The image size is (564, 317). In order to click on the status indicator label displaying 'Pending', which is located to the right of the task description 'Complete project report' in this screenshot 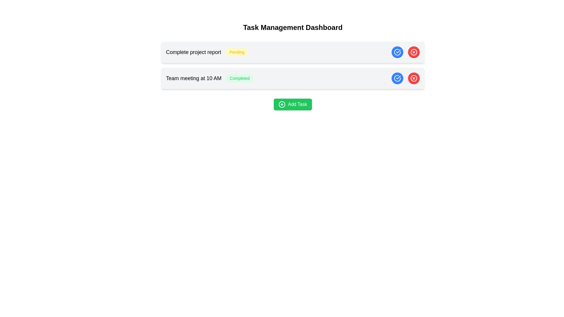, I will do `click(237, 52)`.